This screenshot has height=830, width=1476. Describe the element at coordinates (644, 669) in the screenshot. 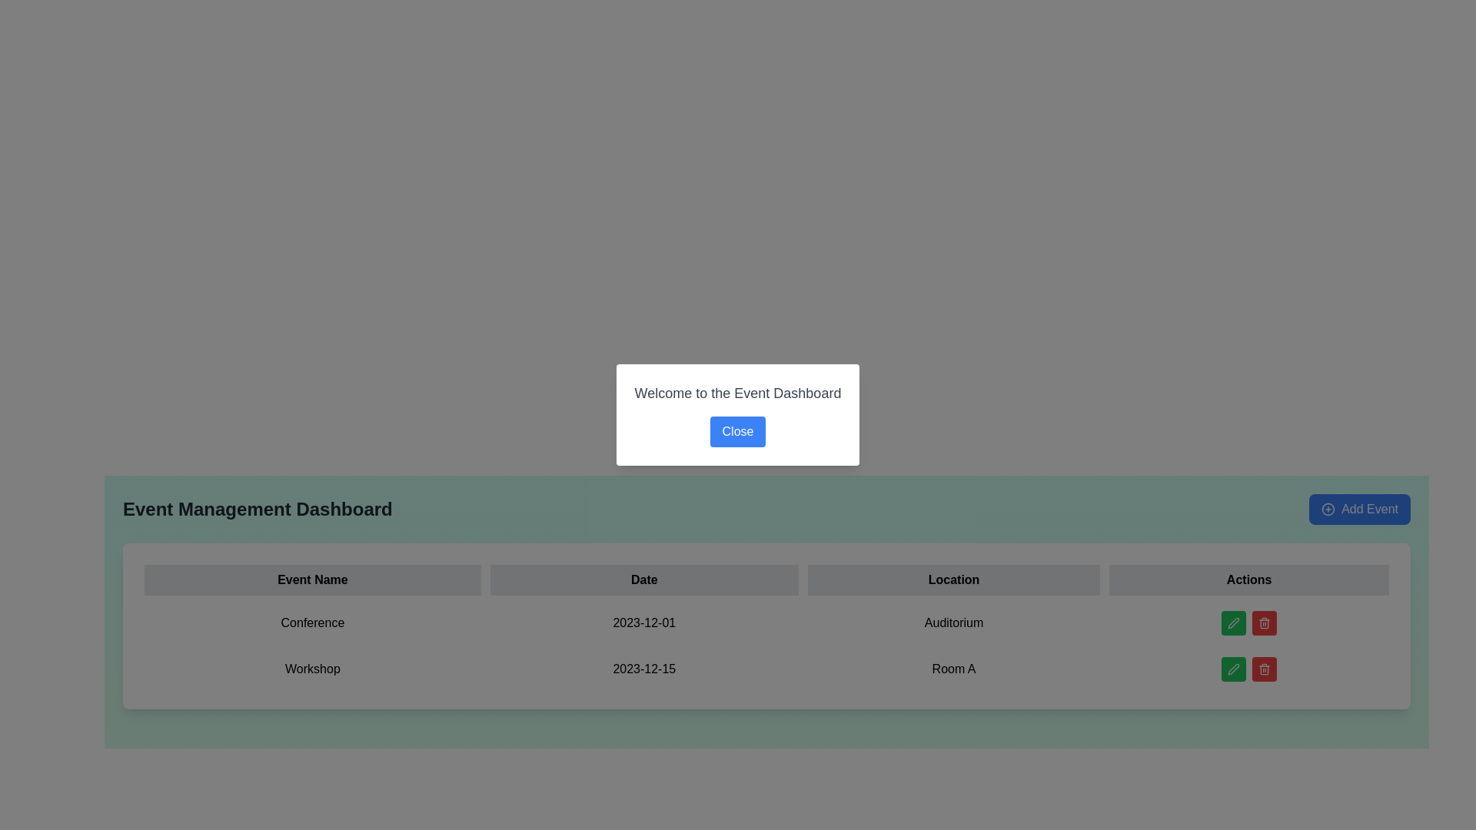

I see `the text element displaying '2023-12-15' in the 'Date' column of the table for the 'Workshop' event` at that location.